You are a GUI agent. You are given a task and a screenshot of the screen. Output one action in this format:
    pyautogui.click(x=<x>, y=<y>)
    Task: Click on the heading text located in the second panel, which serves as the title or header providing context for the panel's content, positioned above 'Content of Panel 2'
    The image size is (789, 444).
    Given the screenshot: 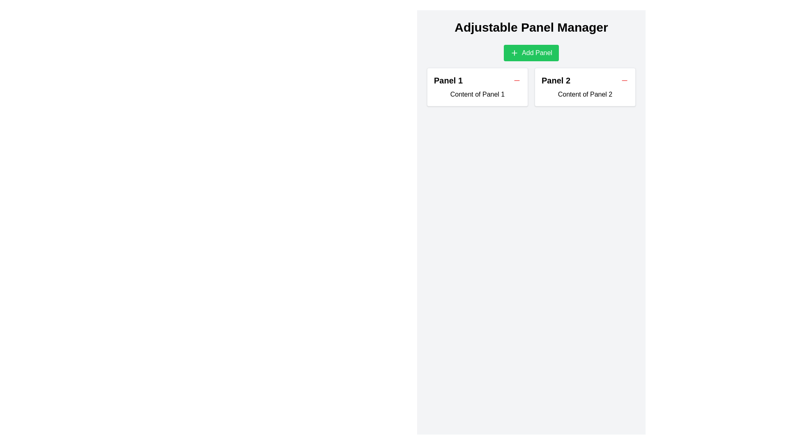 What is the action you would take?
    pyautogui.click(x=556, y=81)
    